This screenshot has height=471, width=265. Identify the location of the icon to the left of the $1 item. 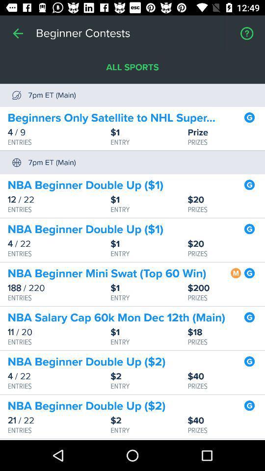
(59, 332).